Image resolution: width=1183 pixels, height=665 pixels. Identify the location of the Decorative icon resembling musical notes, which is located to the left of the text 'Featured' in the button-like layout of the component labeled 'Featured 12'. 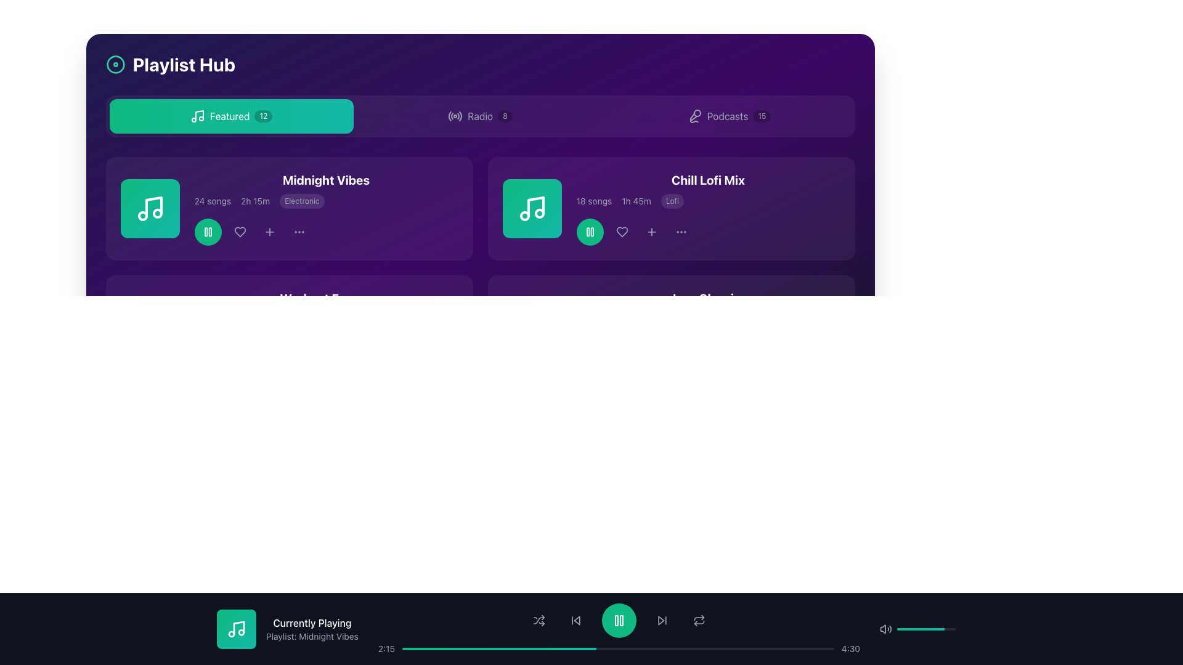
(197, 116).